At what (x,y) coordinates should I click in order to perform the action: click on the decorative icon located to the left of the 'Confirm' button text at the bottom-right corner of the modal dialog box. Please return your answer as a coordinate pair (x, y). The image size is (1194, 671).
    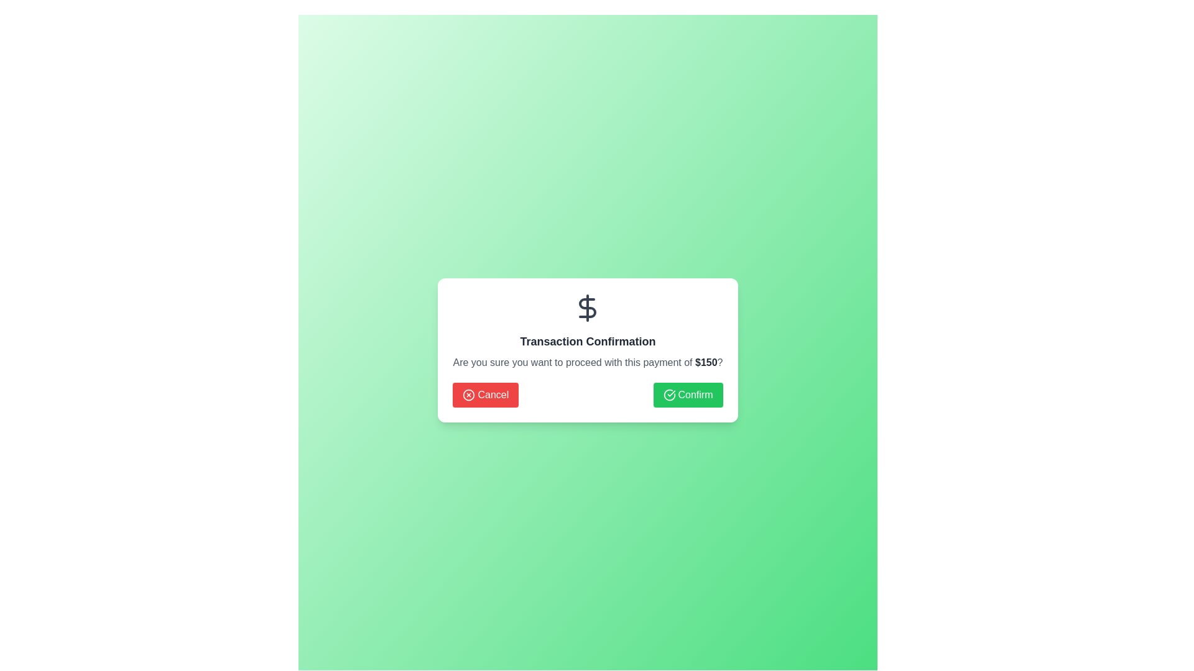
    Looking at the image, I should click on (669, 395).